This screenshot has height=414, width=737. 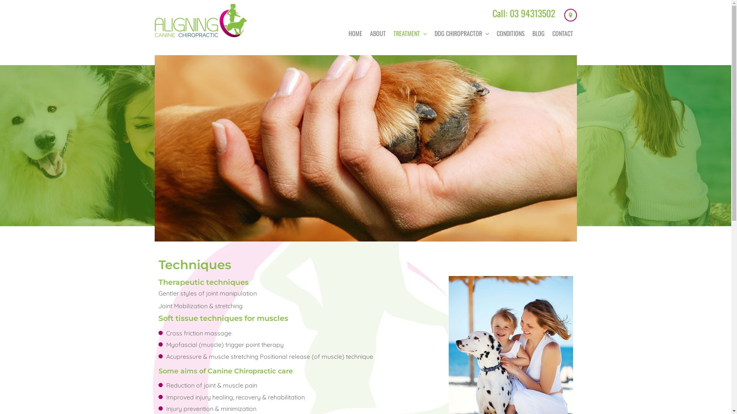 What do you see at coordinates (389, 33) in the screenshot?
I see `'TREATMENT'` at bounding box center [389, 33].